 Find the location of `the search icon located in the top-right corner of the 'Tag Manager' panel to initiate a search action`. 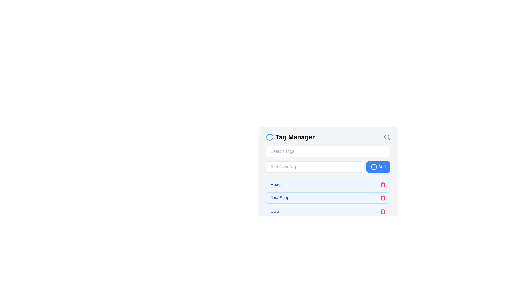

the search icon located in the top-right corner of the 'Tag Manager' panel to initiate a search action is located at coordinates (387, 137).